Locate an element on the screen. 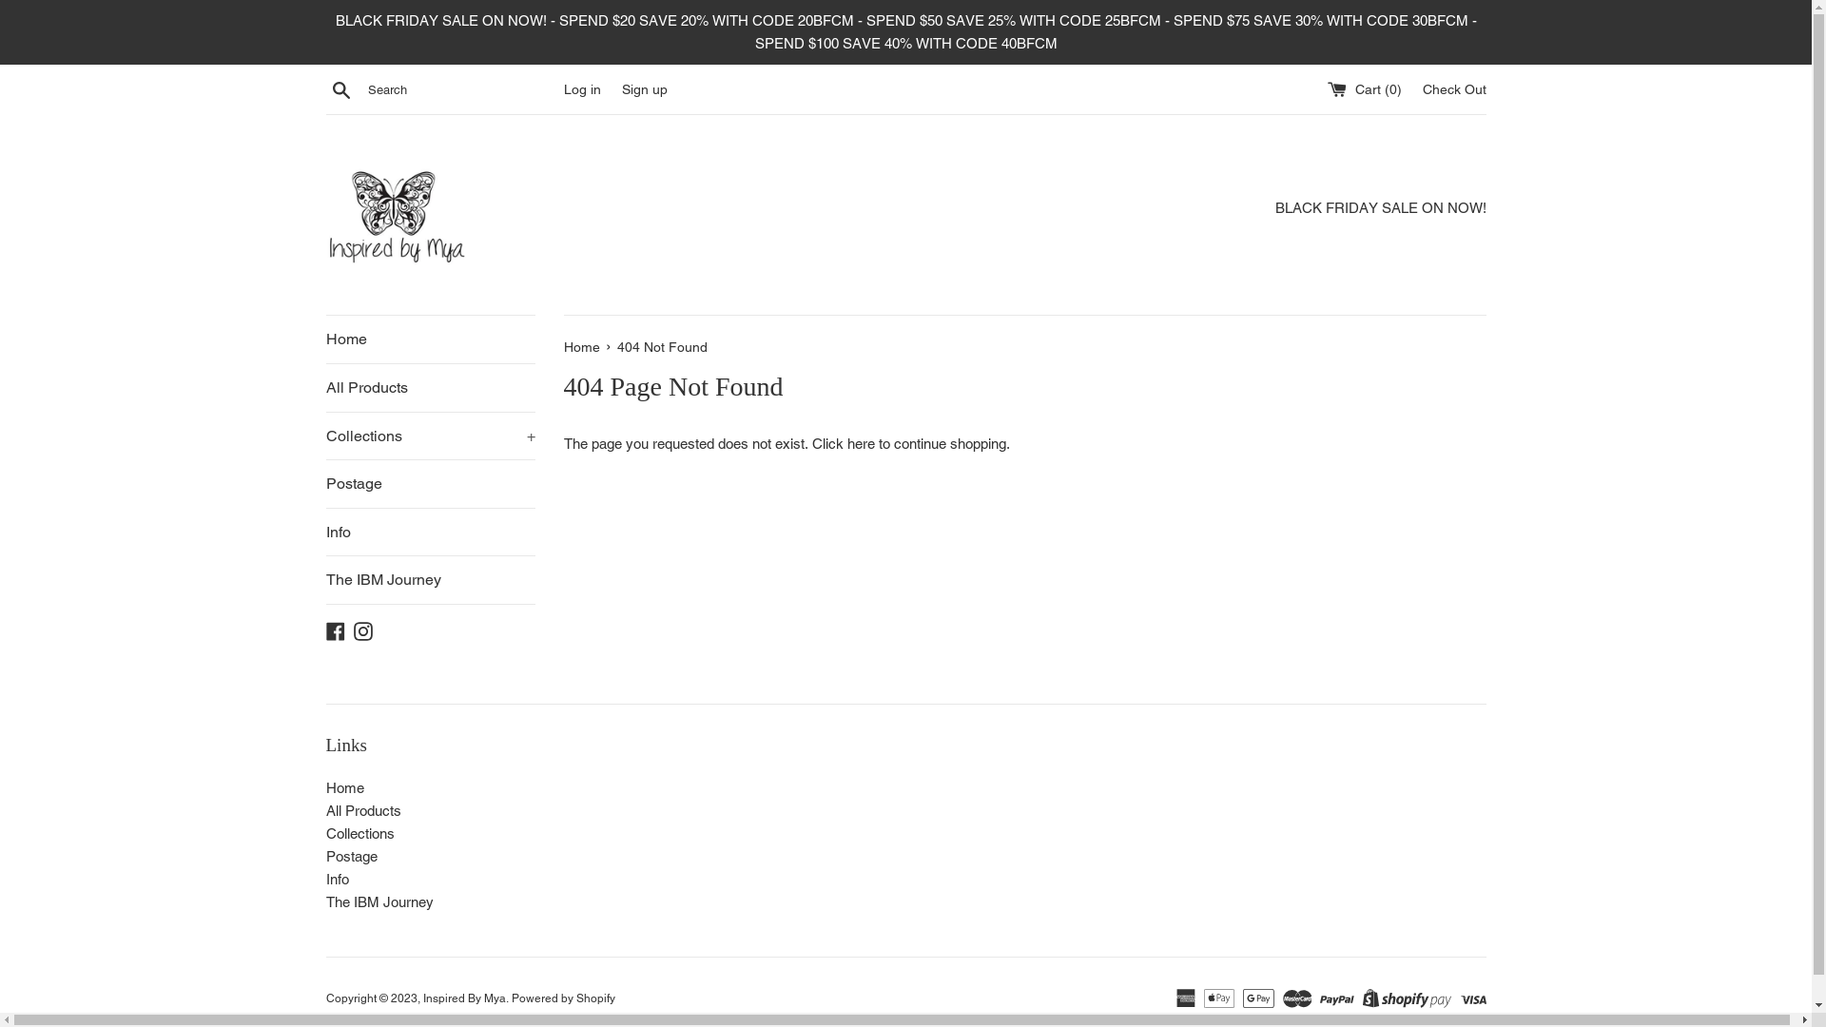 Image resolution: width=1826 pixels, height=1027 pixels. 'All Products' is located at coordinates (362, 810).